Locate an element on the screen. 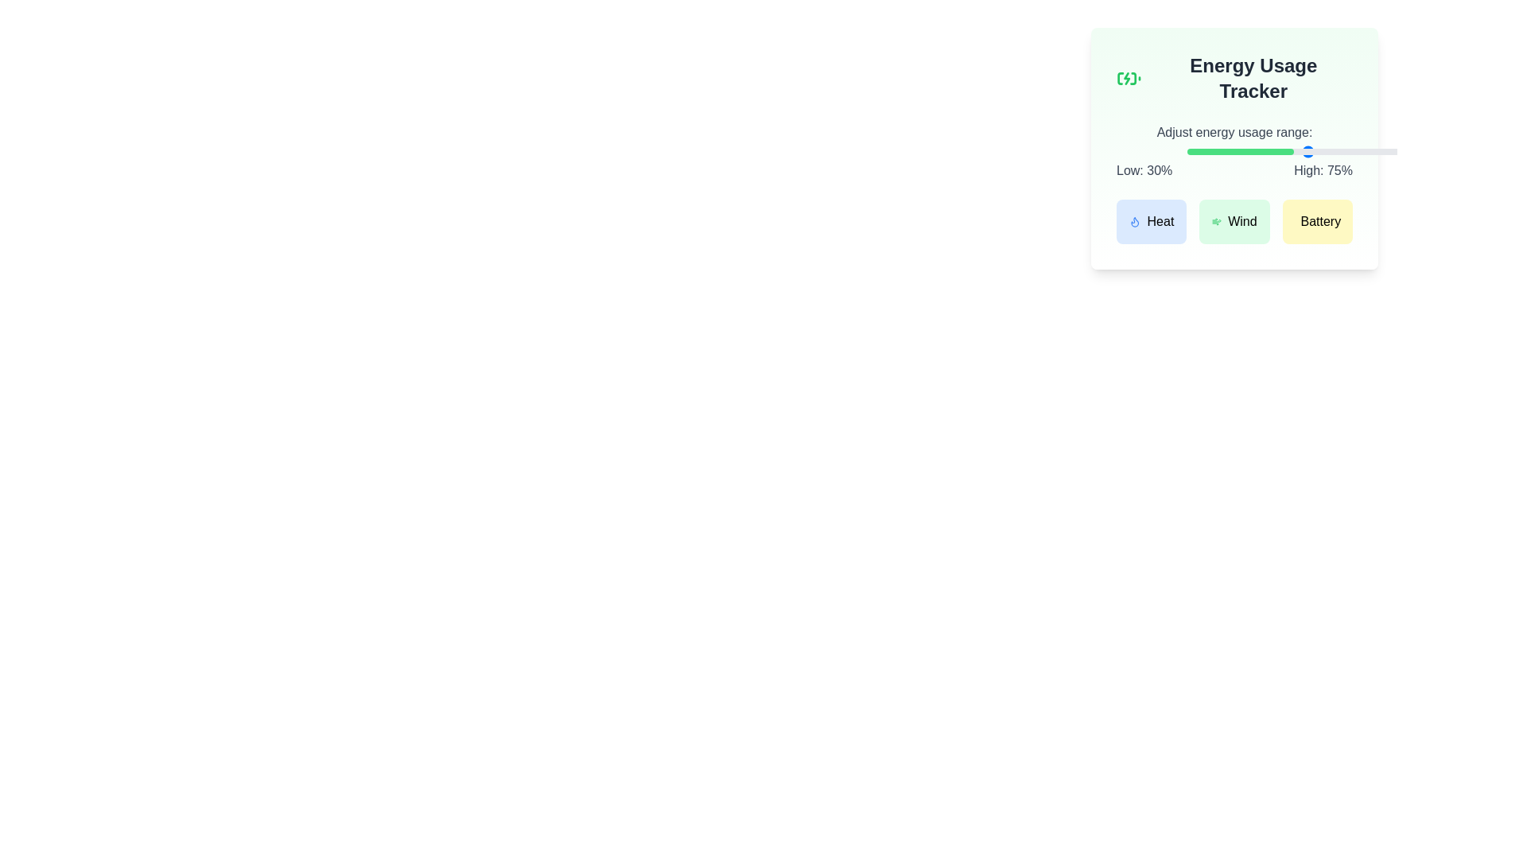 Image resolution: width=1527 pixels, height=859 pixels. the charging symbol icon located centrally within the battery-shaped icon, which represents the charging status is located at coordinates (1126, 79).